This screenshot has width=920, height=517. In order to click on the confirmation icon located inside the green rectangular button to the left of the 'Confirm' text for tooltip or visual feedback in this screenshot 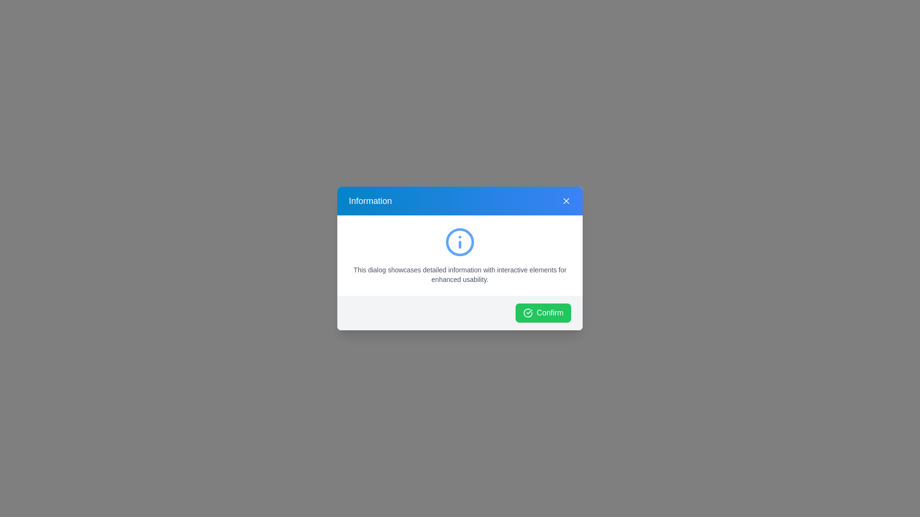, I will do `click(527, 313)`.